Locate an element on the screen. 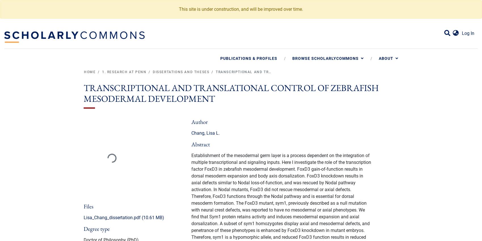 This screenshot has width=482, height=241. 'Home' is located at coordinates (90, 71).